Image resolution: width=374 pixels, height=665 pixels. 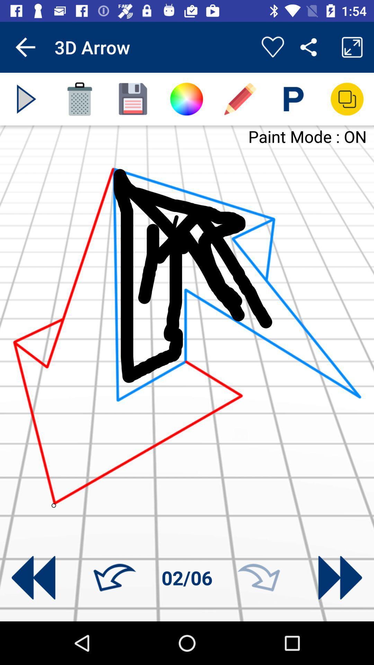 I want to click on draw on image, so click(x=240, y=99).